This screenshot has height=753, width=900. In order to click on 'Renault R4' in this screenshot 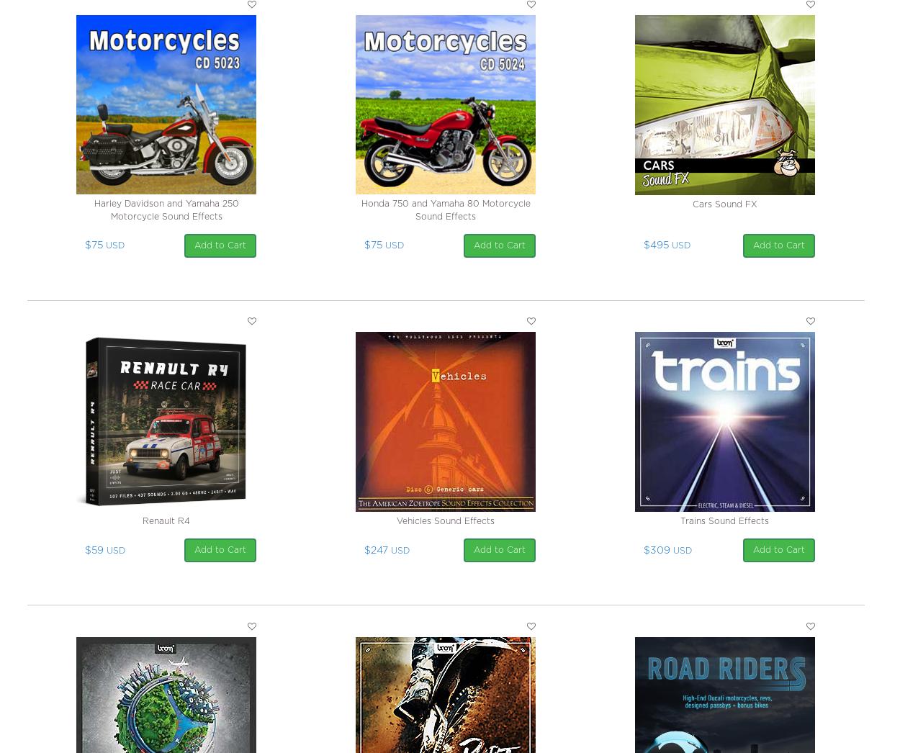, I will do `click(166, 521)`.